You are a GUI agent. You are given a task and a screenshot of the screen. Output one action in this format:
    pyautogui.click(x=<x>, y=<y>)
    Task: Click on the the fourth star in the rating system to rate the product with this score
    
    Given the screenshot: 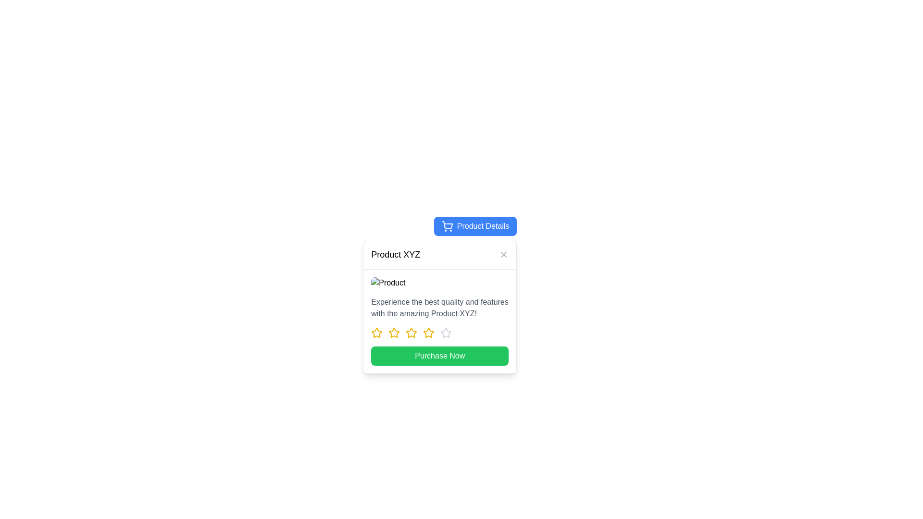 What is the action you would take?
    pyautogui.click(x=428, y=332)
    